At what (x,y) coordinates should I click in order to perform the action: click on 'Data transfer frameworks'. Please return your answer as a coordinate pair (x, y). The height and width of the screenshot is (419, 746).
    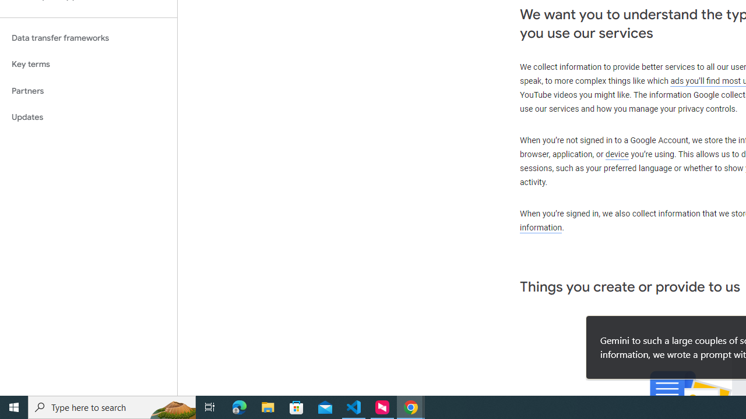
    Looking at the image, I should click on (88, 37).